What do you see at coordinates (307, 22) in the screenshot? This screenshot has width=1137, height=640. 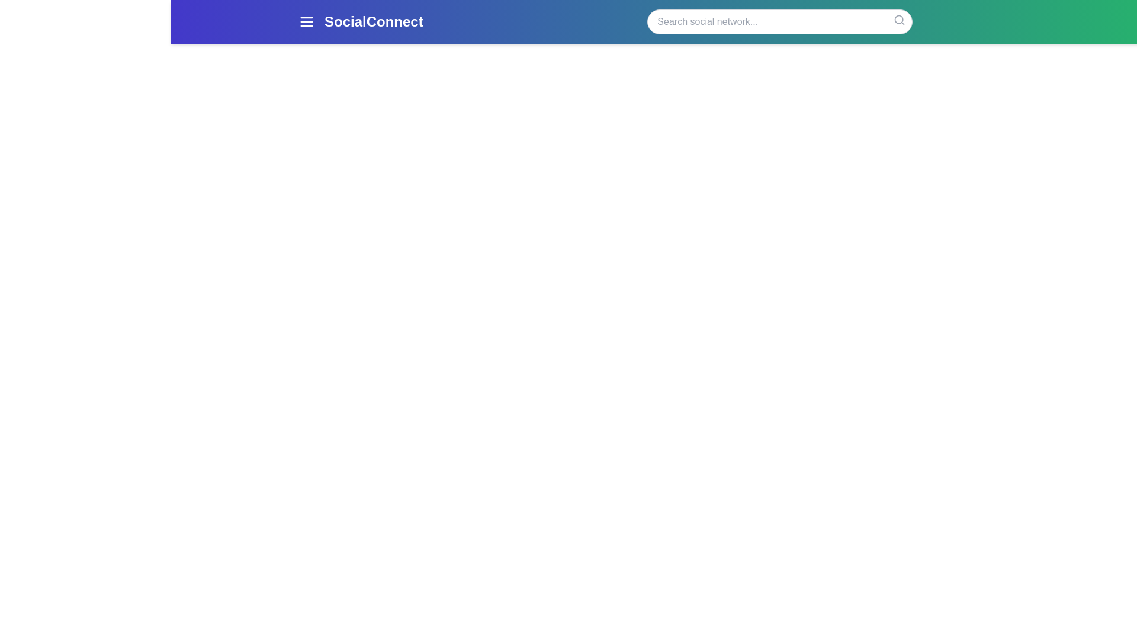 I see `the menu button to open the navigation menu` at bounding box center [307, 22].